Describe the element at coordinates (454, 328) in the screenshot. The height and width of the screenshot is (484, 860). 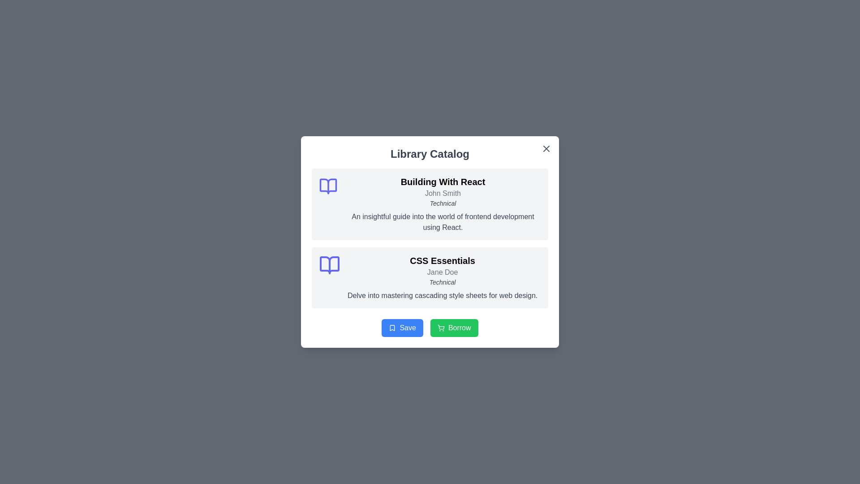
I see `the green 'Borrow' button with white text and a shopping cart icon` at that location.